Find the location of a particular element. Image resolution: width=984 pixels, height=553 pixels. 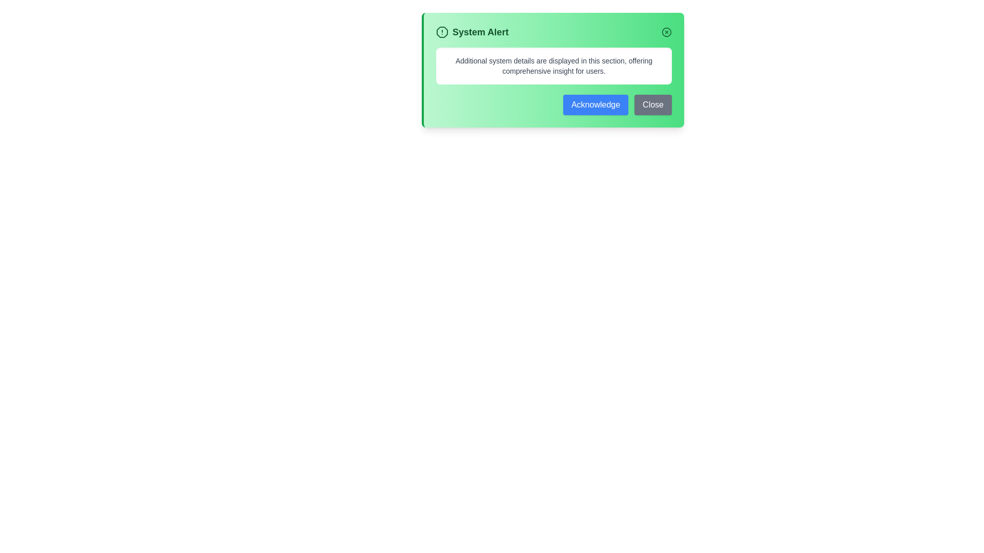

the text 'Additional system details are displayed in this section, offering comprehensive insight for users.' and copy it to the clipboard is located at coordinates (444, 55).